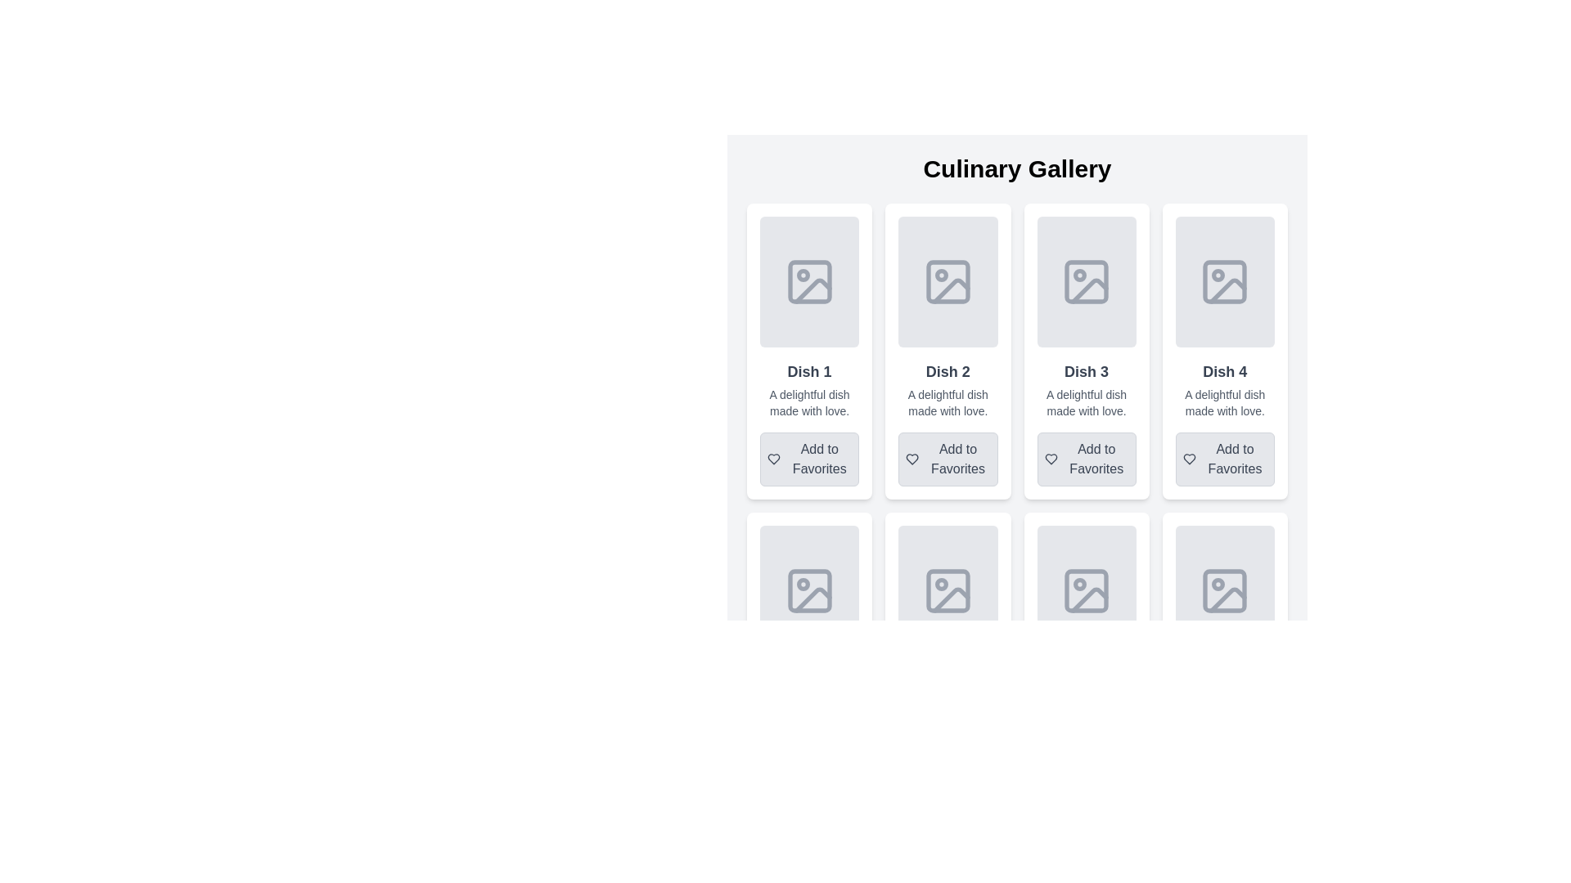 The width and height of the screenshot is (1571, 883). Describe the element at coordinates (1189, 459) in the screenshot. I see `the heart-shaped icon within the 'Add` at that location.